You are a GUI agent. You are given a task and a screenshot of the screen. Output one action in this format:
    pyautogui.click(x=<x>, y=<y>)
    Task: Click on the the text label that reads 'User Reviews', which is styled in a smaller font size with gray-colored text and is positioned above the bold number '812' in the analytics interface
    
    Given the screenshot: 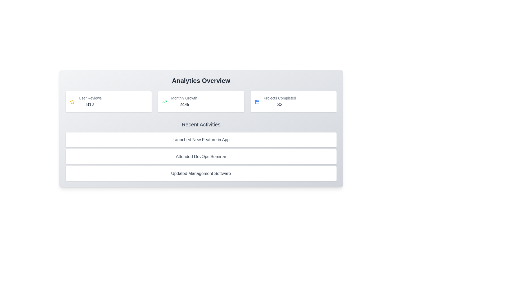 What is the action you would take?
    pyautogui.click(x=90, y=98)
    